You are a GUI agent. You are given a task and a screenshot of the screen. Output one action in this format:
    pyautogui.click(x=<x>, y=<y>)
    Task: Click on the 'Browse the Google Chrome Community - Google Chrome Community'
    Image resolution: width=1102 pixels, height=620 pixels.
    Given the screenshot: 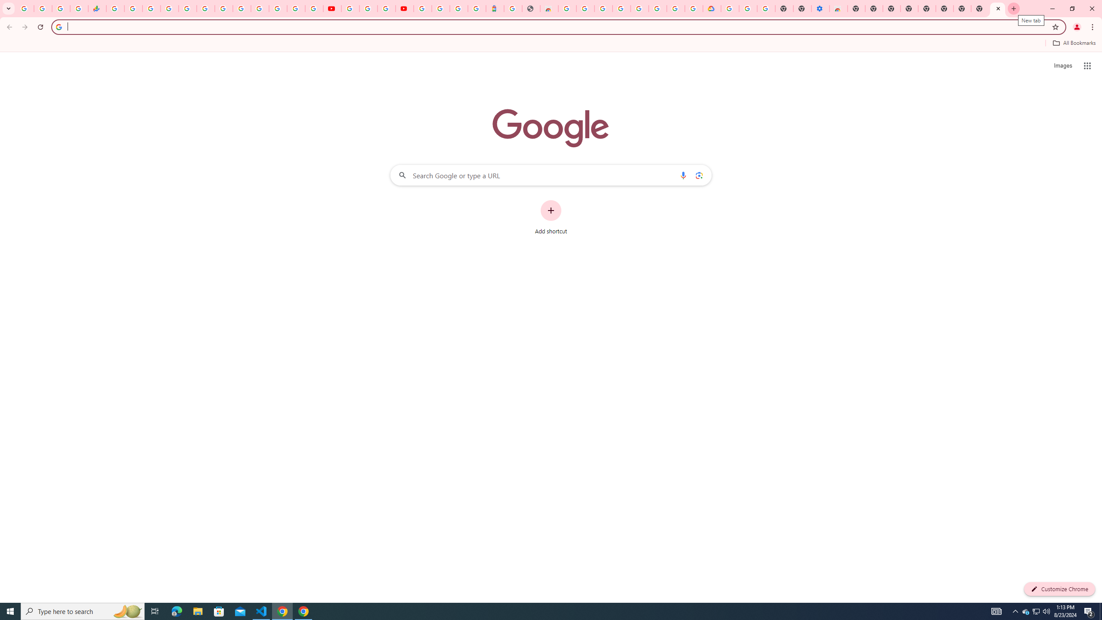 What is the action you would take?
    pyautogui.click(x=693, y=8)
    